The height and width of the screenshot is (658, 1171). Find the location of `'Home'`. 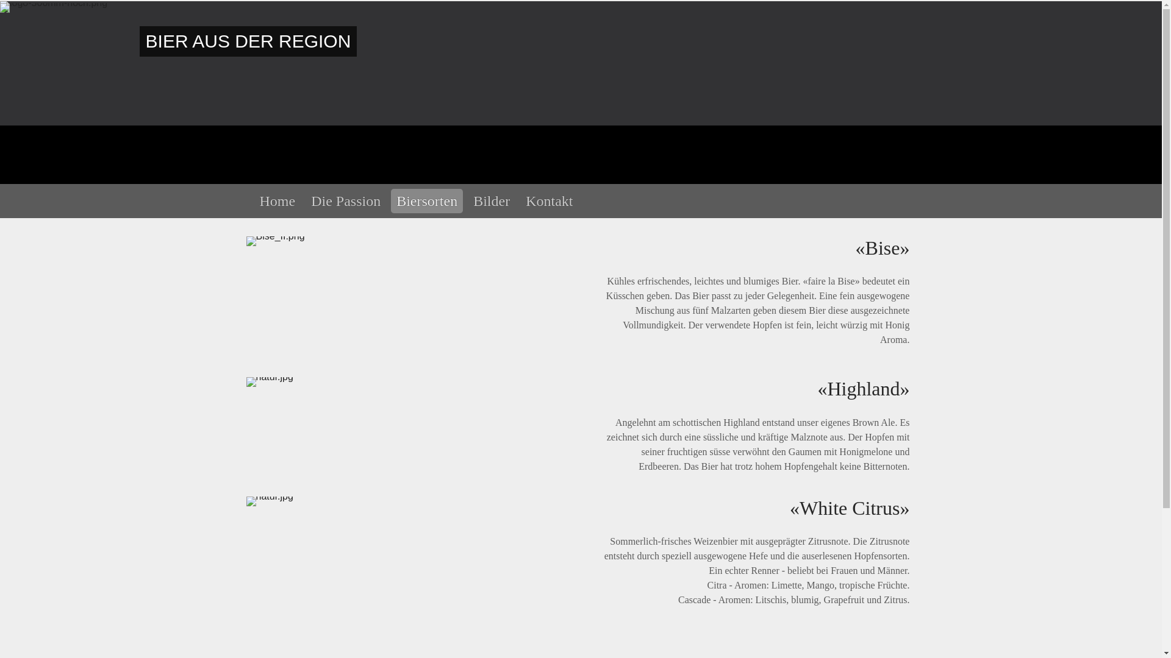

'Home' is located at coordinates (276, 200).